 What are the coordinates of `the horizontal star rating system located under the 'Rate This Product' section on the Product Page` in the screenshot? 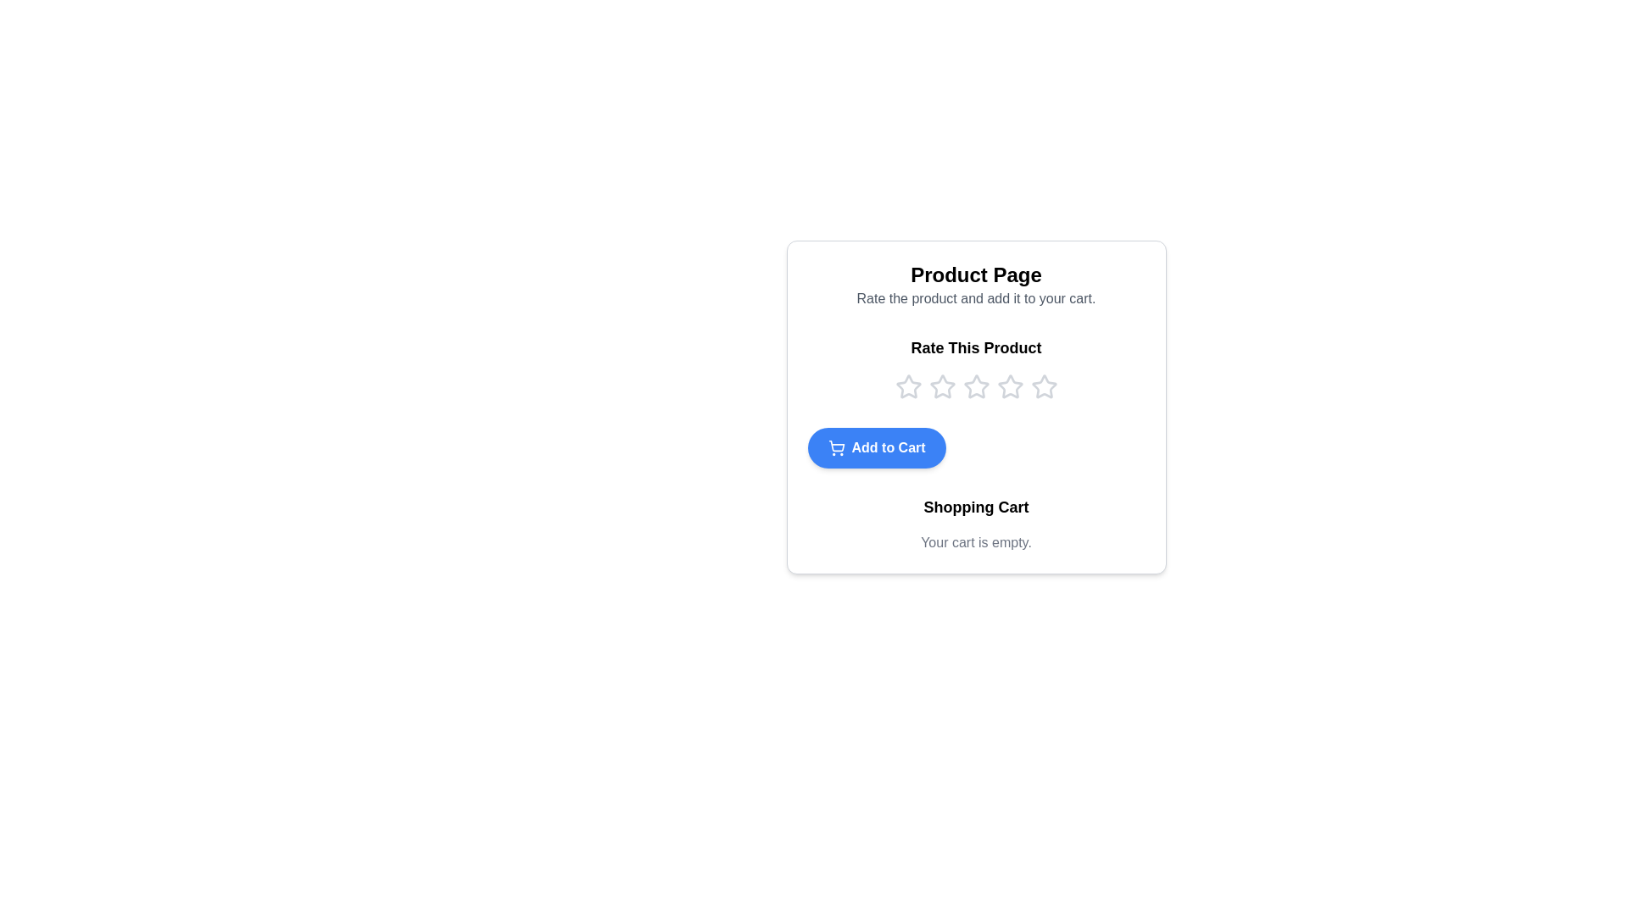 It's located at (976, 386).